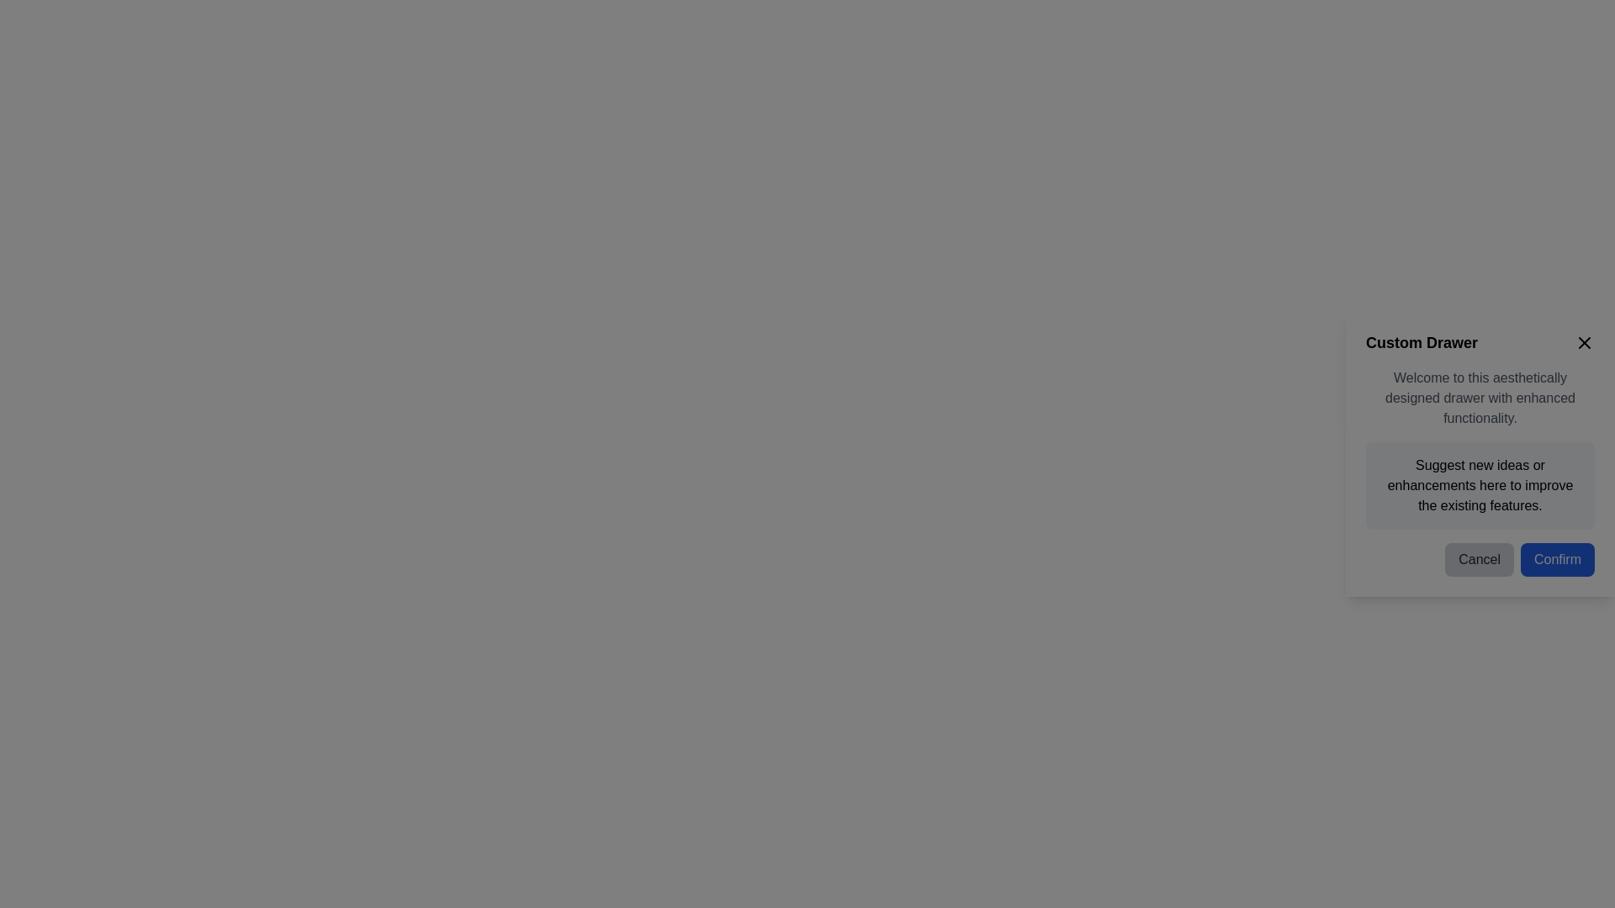  Describe the element at coordinates (1583, 342) in the screenshot. I see `the close icon button, which is a circular button with an X design located at the top right corner of the 'Custom Drawer' modal` at that location.